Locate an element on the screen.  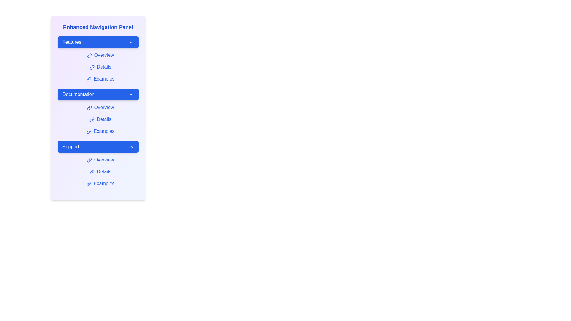
decorative icon located before the 'Overview' hyperlink in the 'Documentation' section of the vertical navigation menu for additional information is located at coordinates (89, 108).